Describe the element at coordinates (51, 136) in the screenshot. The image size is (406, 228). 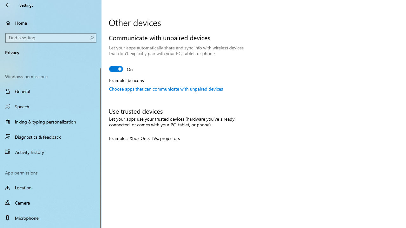
I see `'Diagnostics & feedback'` at that location.